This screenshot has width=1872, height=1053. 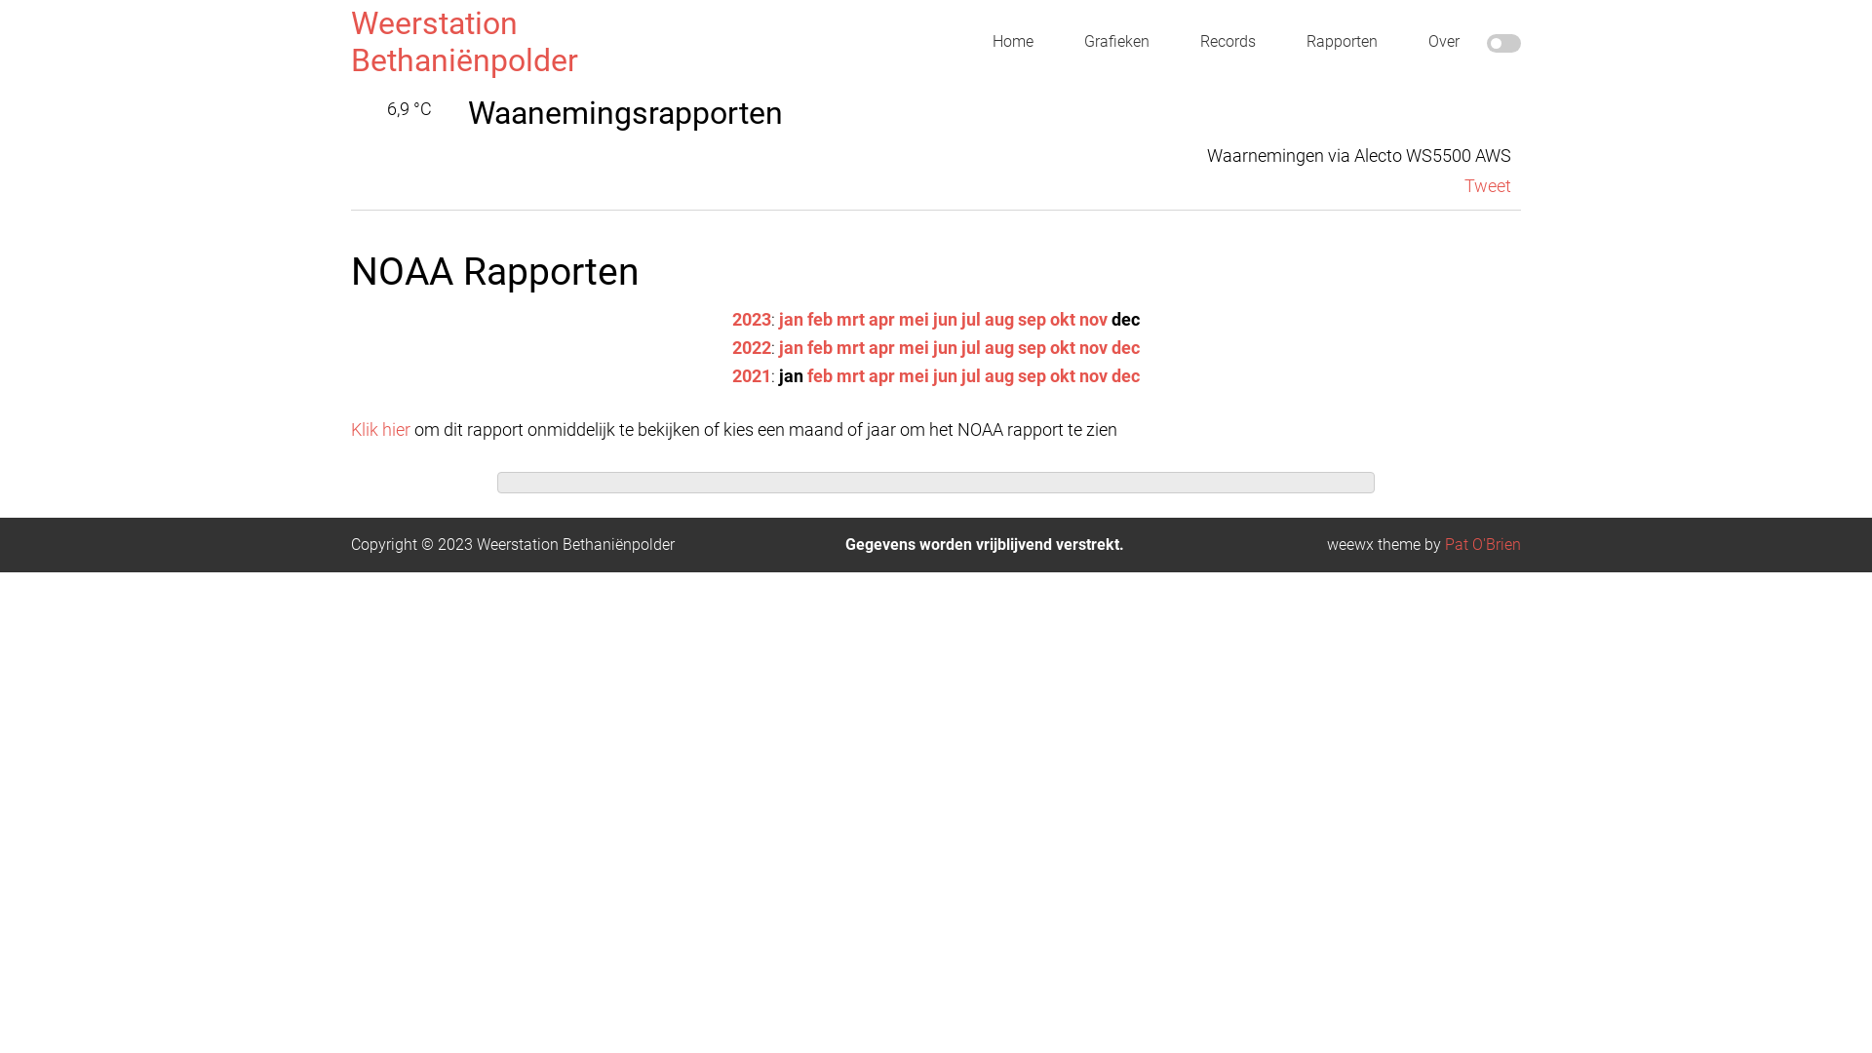 What do you see at coordinates (931, 318) in the screenshot?
I see `'jun'` at bounding box center [931, 318].